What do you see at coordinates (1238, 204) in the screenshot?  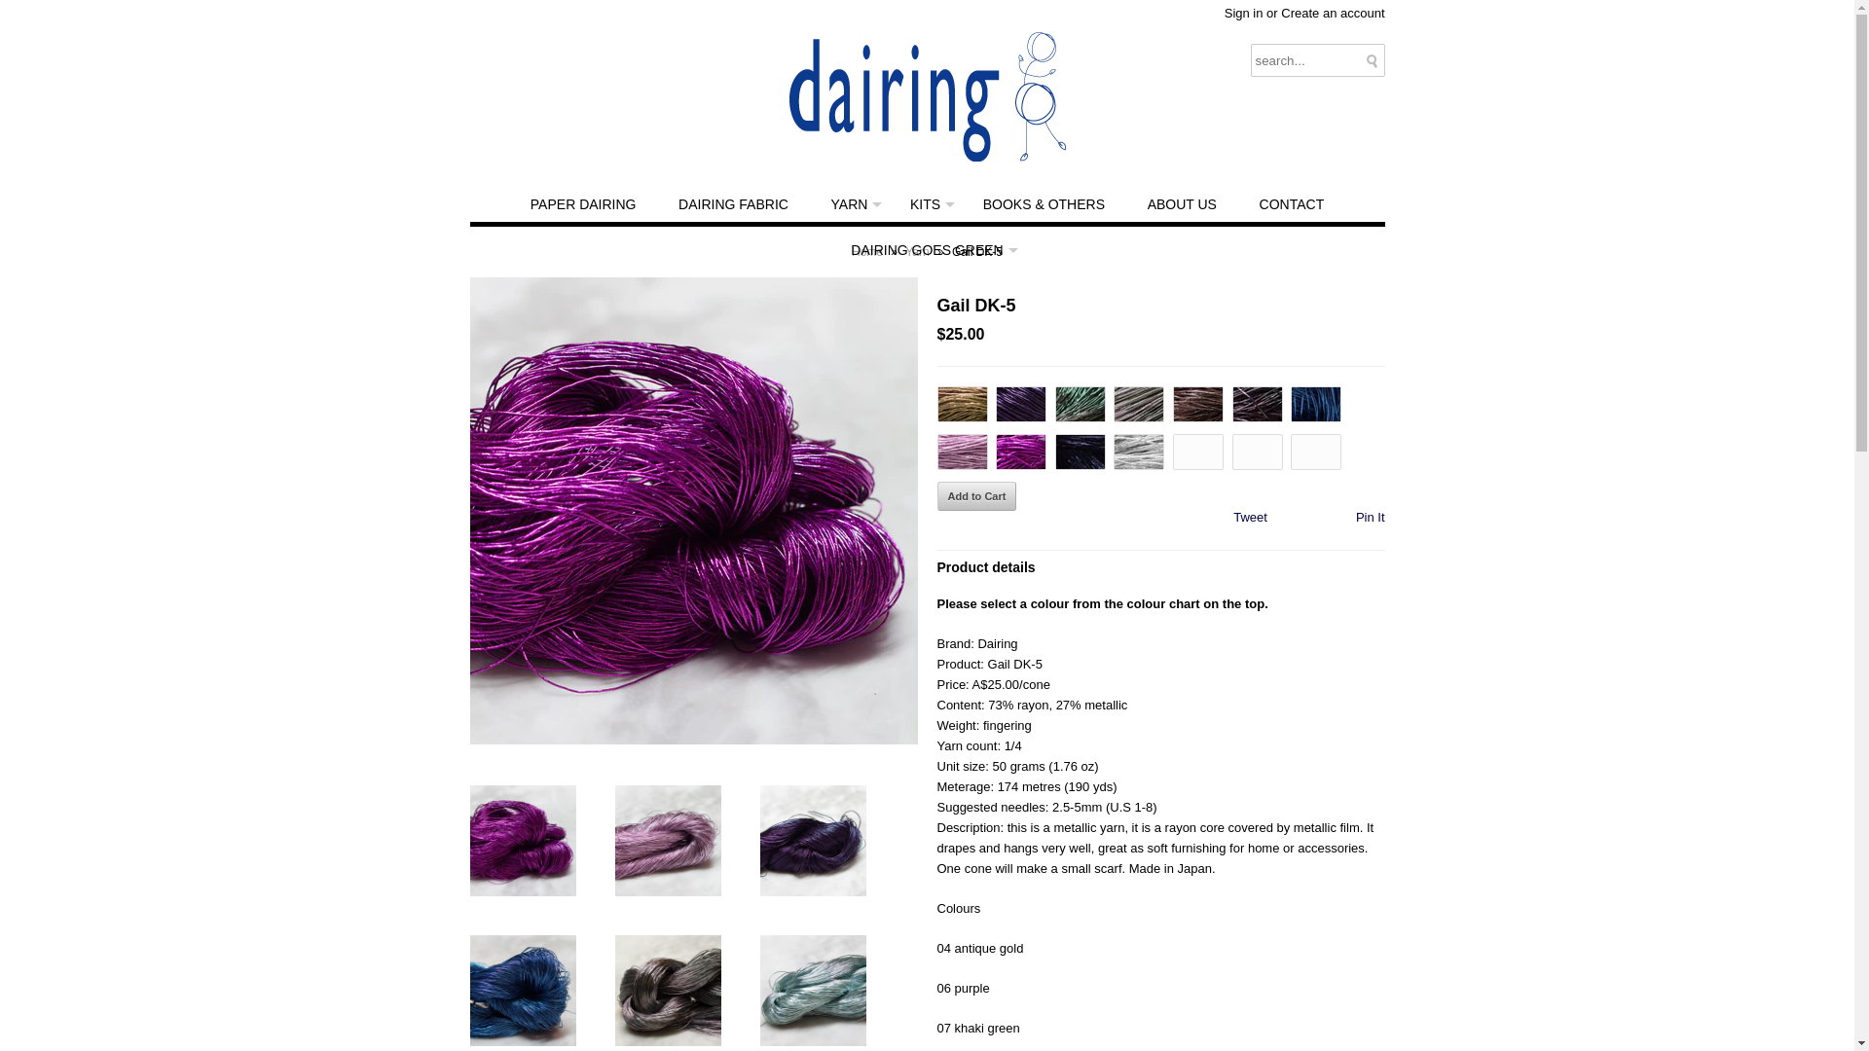 I see `'CONTACT'` at bounding box center [1238, 204].